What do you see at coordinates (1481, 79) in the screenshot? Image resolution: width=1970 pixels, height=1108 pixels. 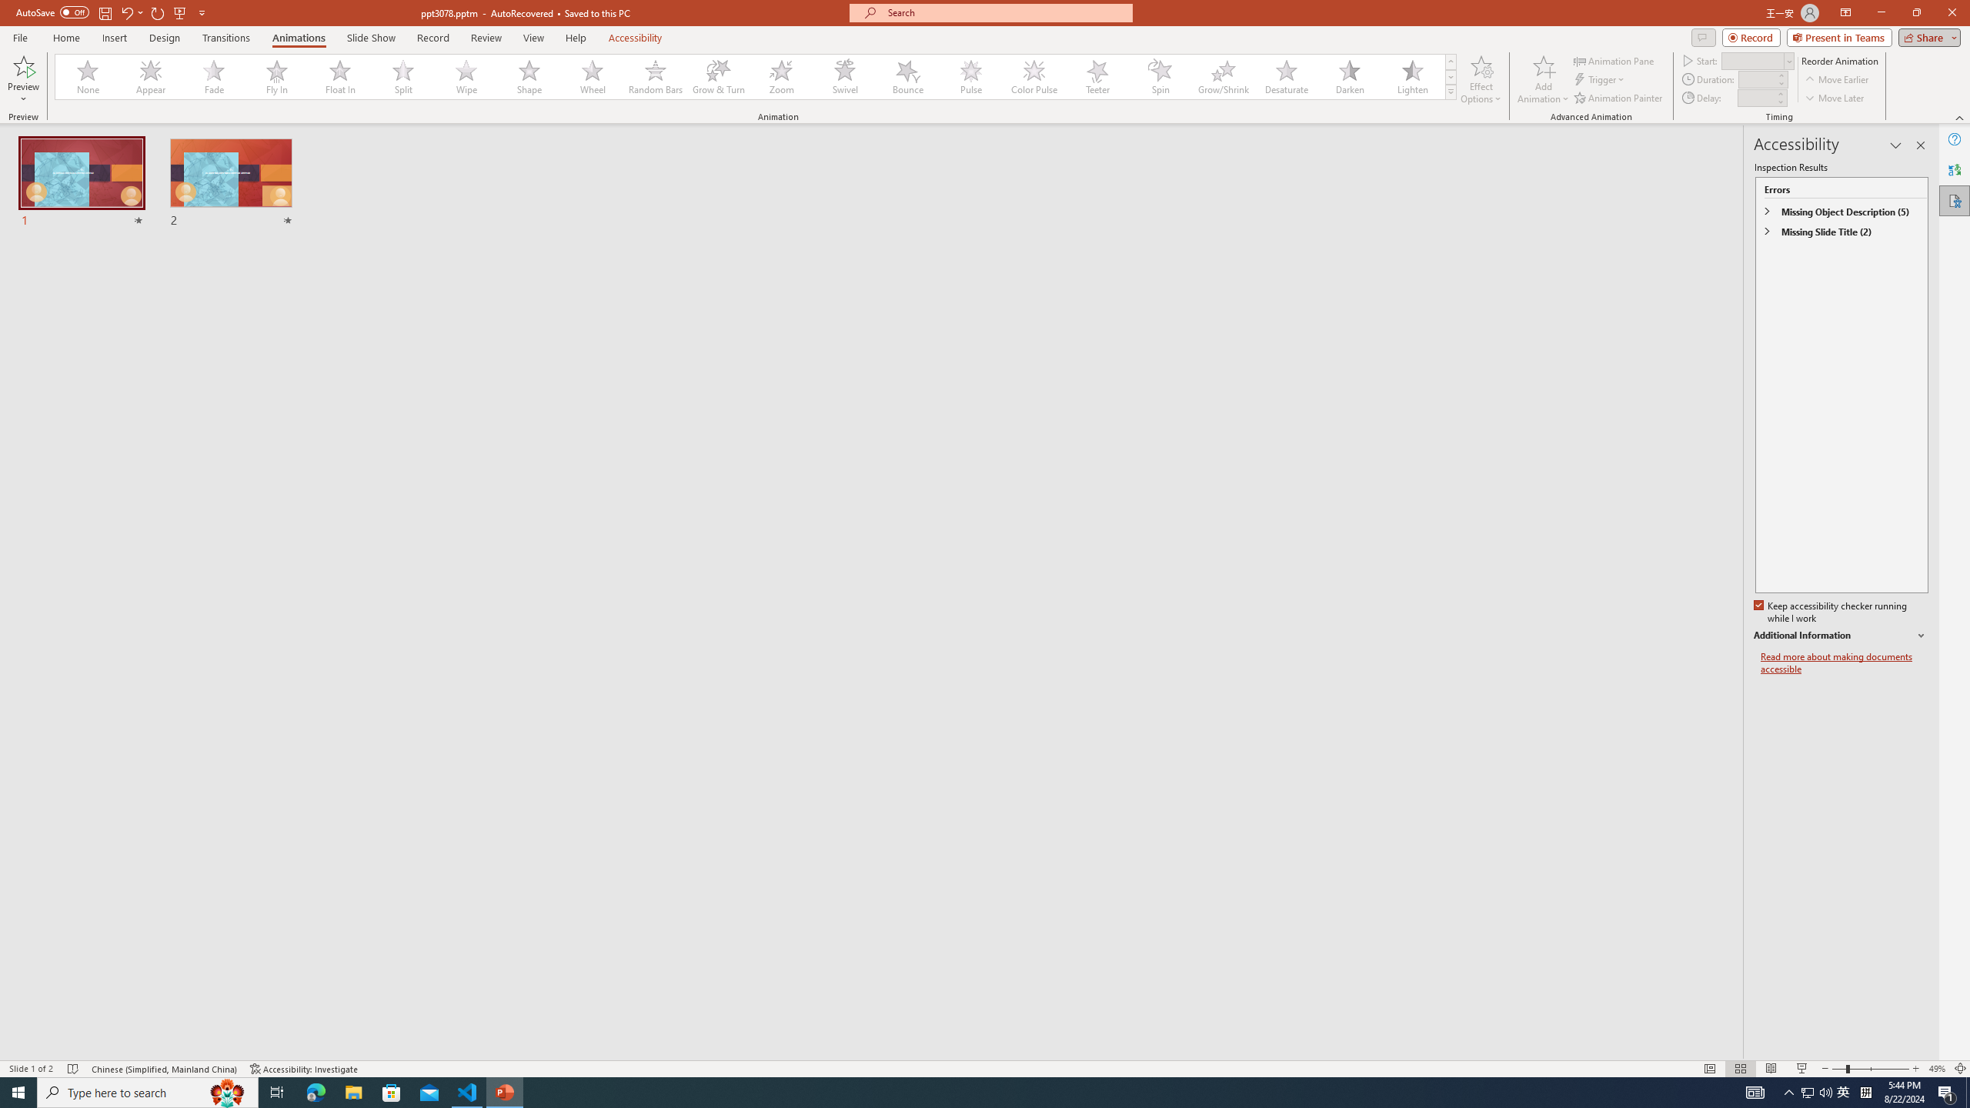 I see `'Effect Options'` at bounding box center [1481, 79].